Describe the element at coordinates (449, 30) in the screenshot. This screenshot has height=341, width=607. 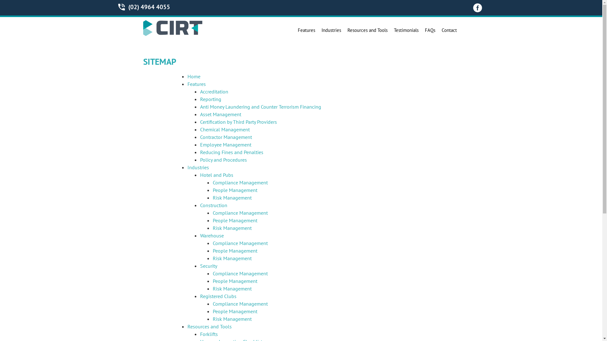
I see `'Contact'` at that location.